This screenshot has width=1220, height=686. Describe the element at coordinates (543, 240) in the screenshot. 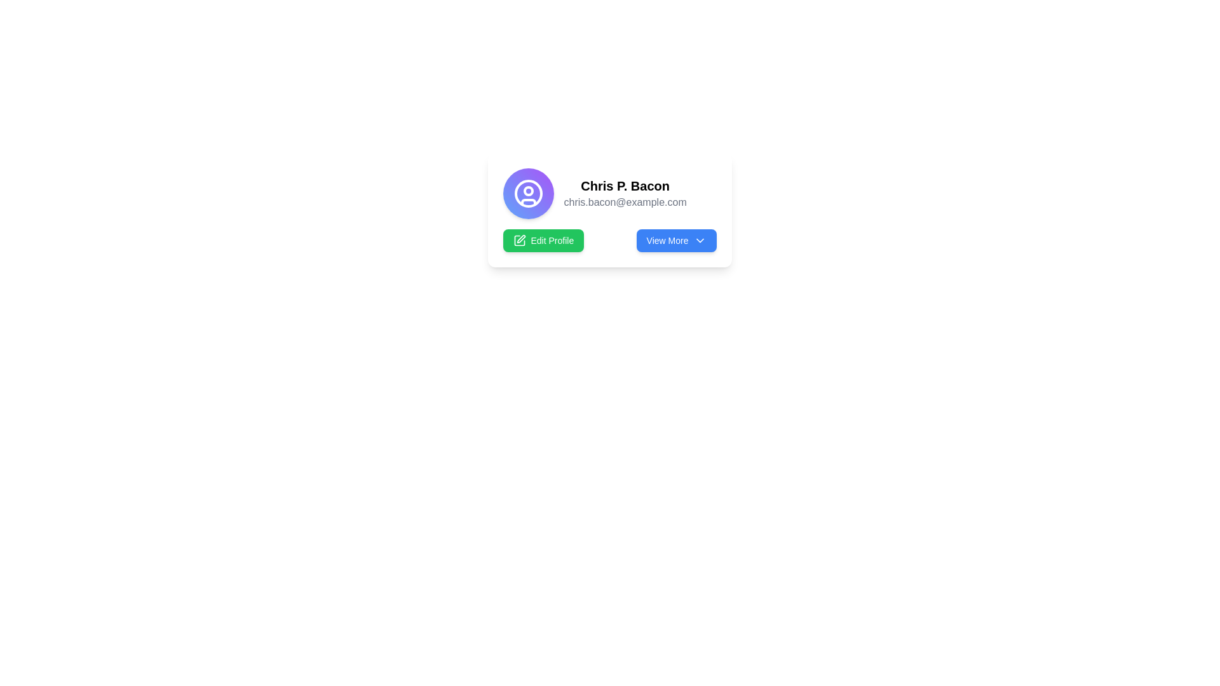

I see `the button that allows users to edit their profile details, located centrally below the user profile information and to the left of the 'View More' button` at that location.